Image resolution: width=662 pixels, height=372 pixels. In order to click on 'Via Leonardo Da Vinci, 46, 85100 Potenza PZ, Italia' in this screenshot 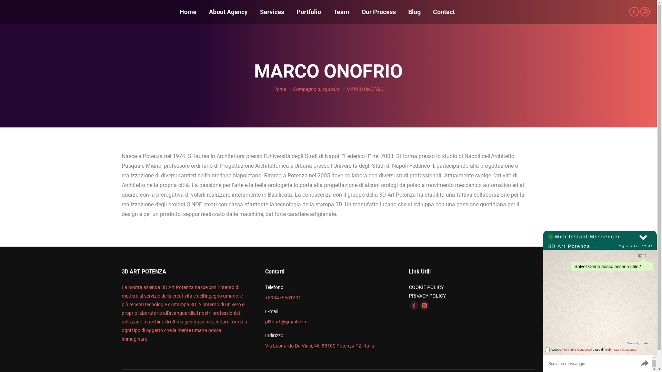, I will do `click(319, 345)`.